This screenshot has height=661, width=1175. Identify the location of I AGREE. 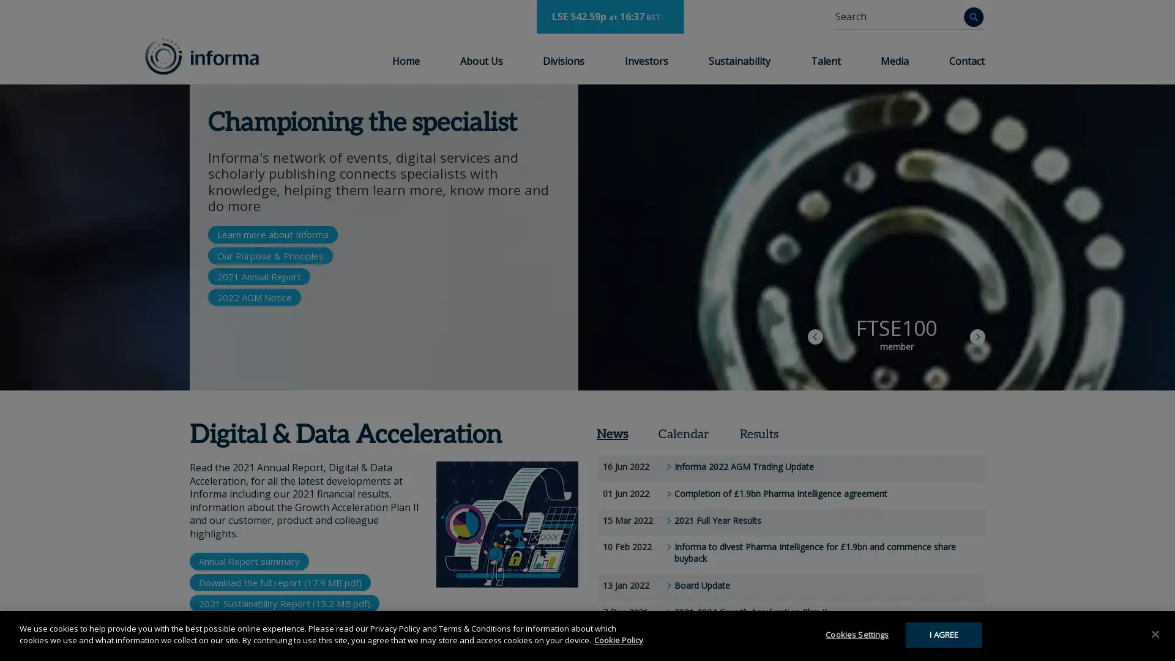
(943, 634).